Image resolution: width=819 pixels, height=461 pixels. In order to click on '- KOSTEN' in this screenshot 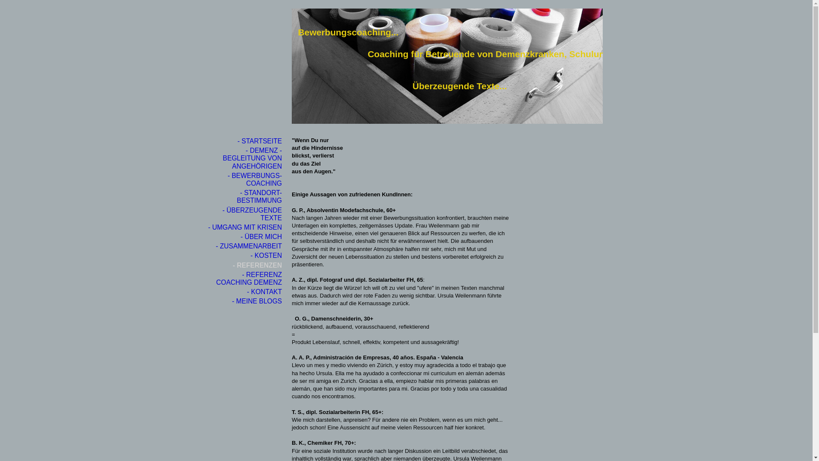, I will do `click(245, 255)`.